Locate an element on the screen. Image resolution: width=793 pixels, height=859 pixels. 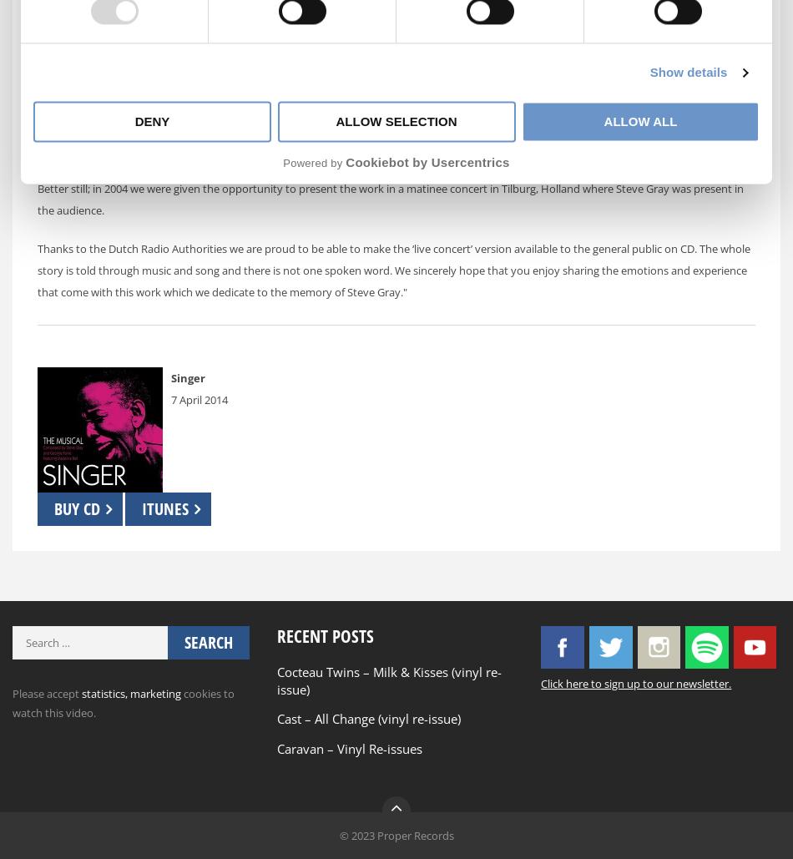
'Cast – All Change (vinyl re-issue)' is located at coordinates (366, 717).